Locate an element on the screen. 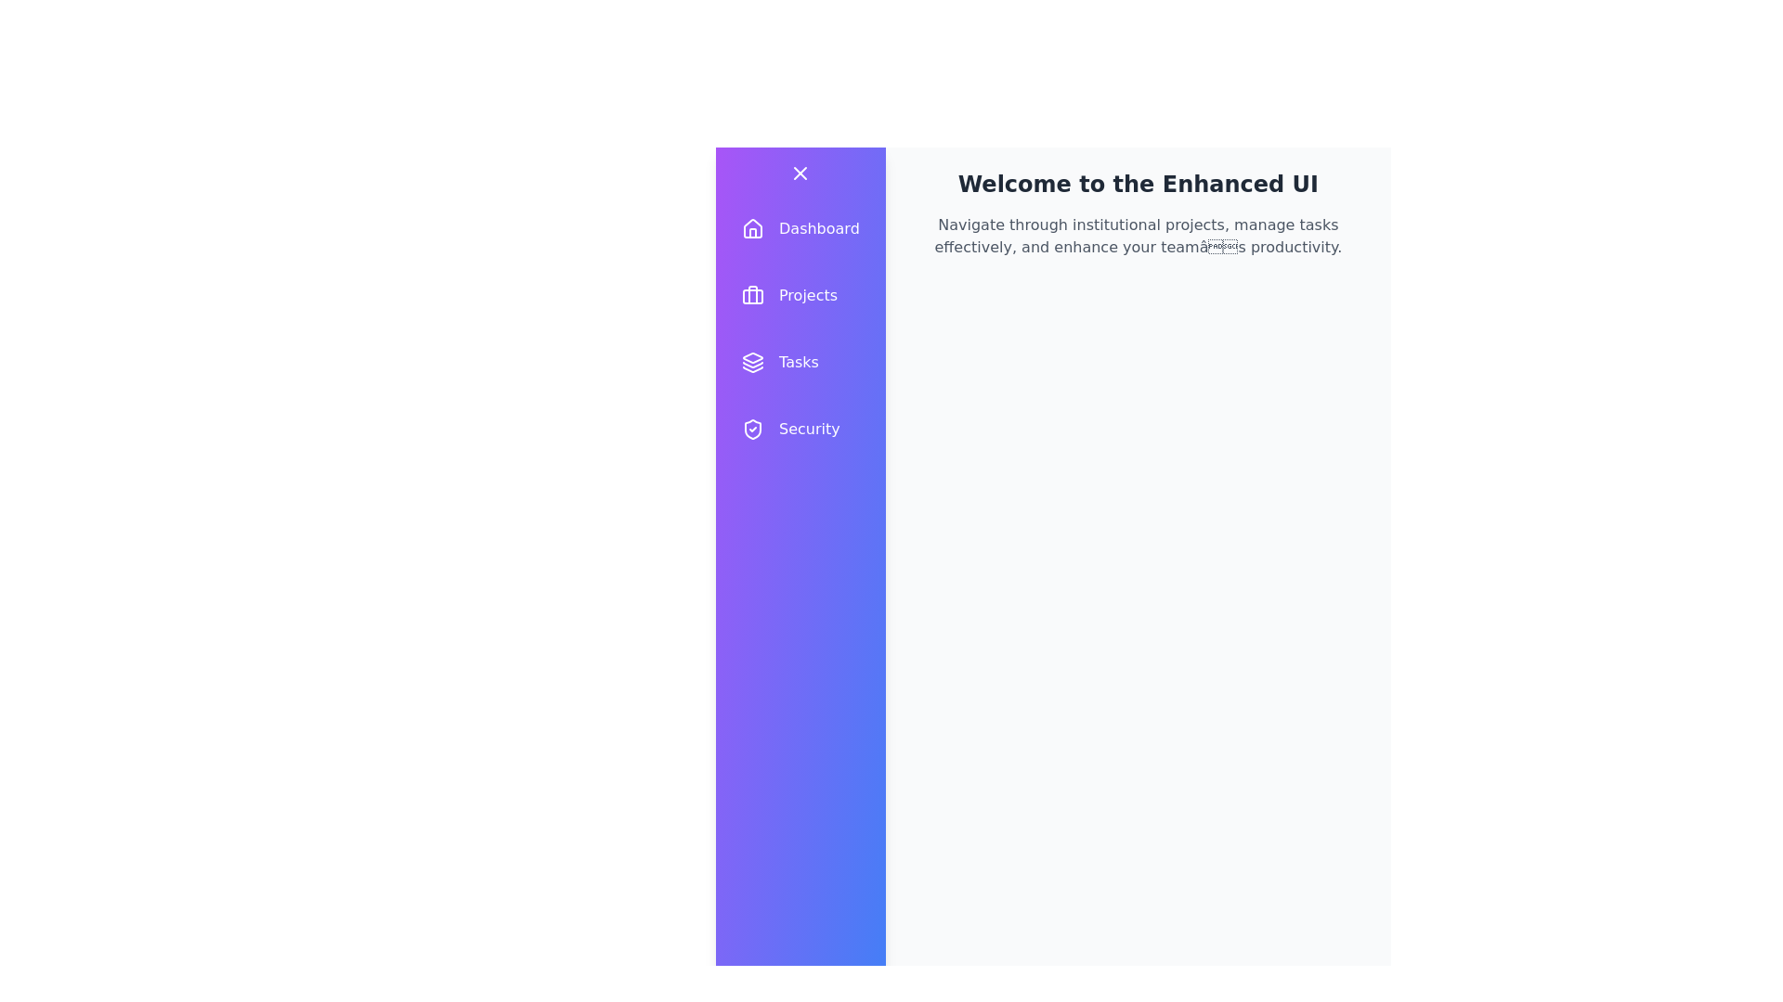 The height and width of the screenshot is (1002, 1783). the 'Dashboard' label in the sidebar navigation, which is the first element in the vertical list and located to the right of the house-shaped icon is located at coordinates (818, 227).